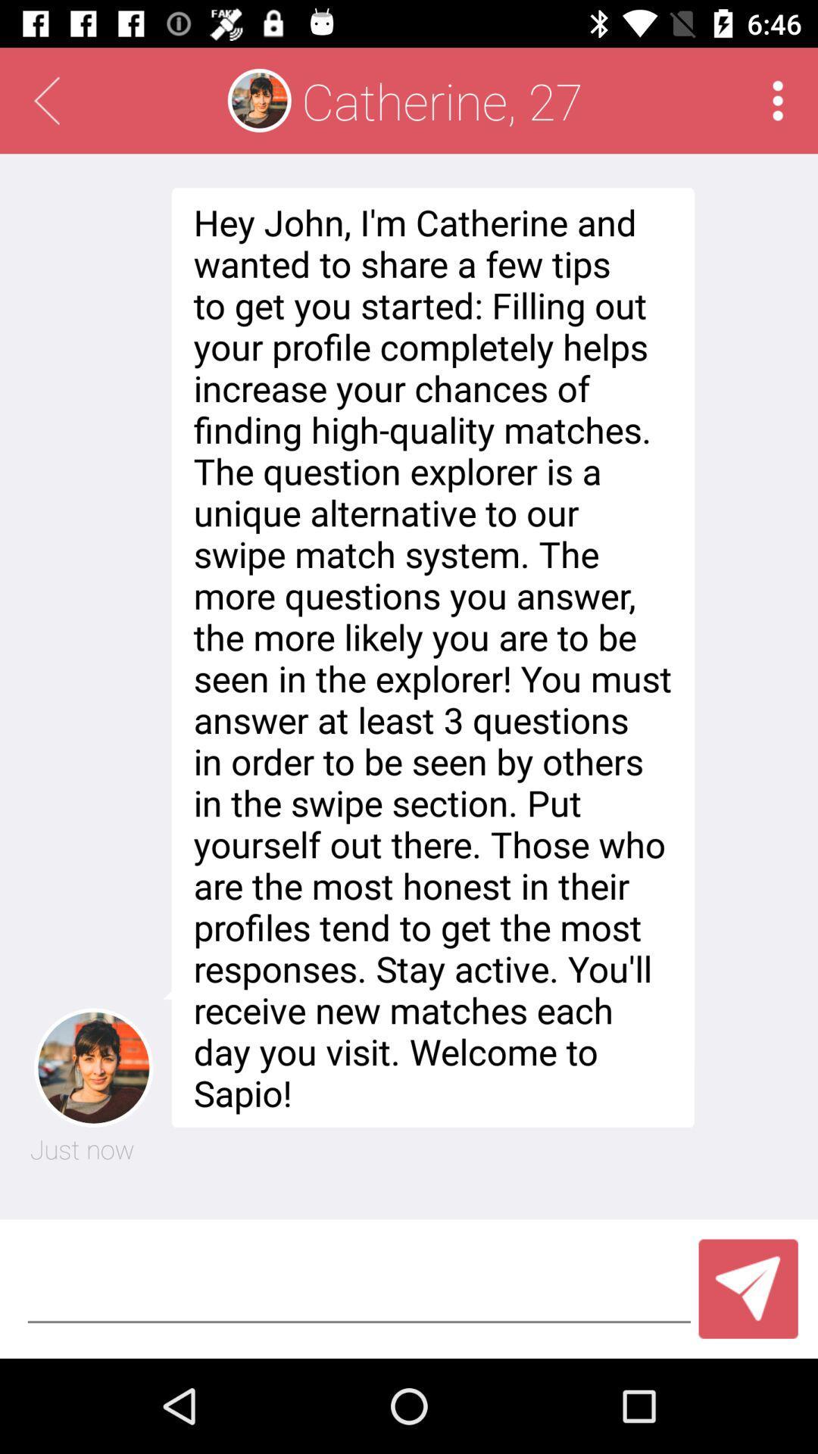  Describe the element at coordinates (82, 1149) in the screenshot. I see `the just now item` at that location.